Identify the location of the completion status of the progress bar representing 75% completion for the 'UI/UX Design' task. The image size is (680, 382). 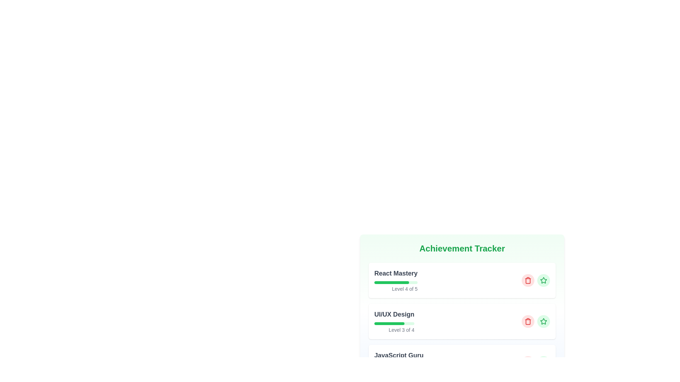
(389, 323).